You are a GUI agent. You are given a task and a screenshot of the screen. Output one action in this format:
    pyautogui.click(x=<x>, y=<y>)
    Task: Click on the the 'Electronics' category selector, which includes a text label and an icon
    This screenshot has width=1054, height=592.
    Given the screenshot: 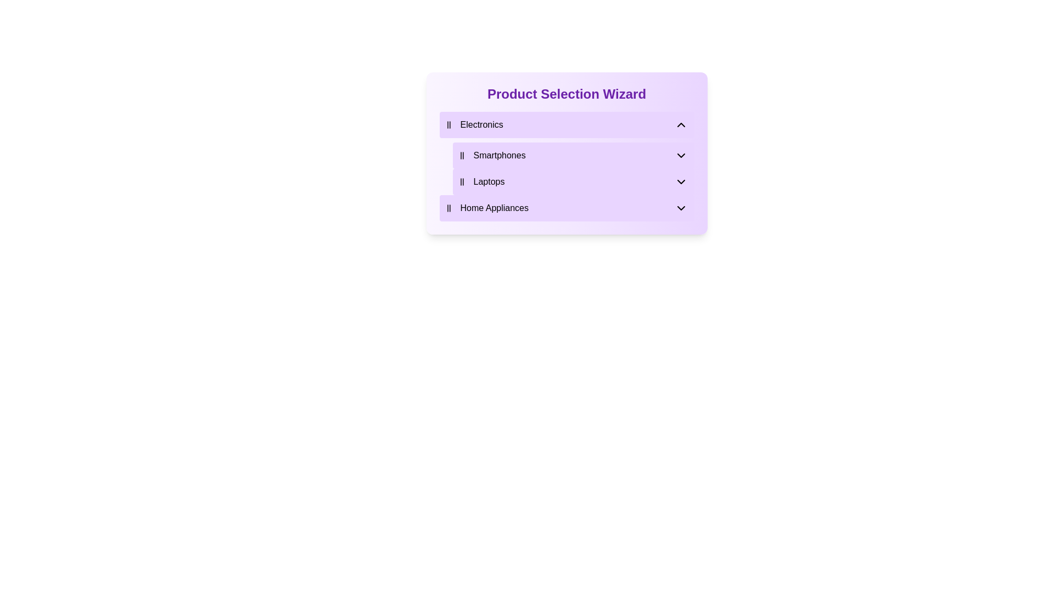 What is the action you would take?
    pyautogui.click(x=474, y=124)
    